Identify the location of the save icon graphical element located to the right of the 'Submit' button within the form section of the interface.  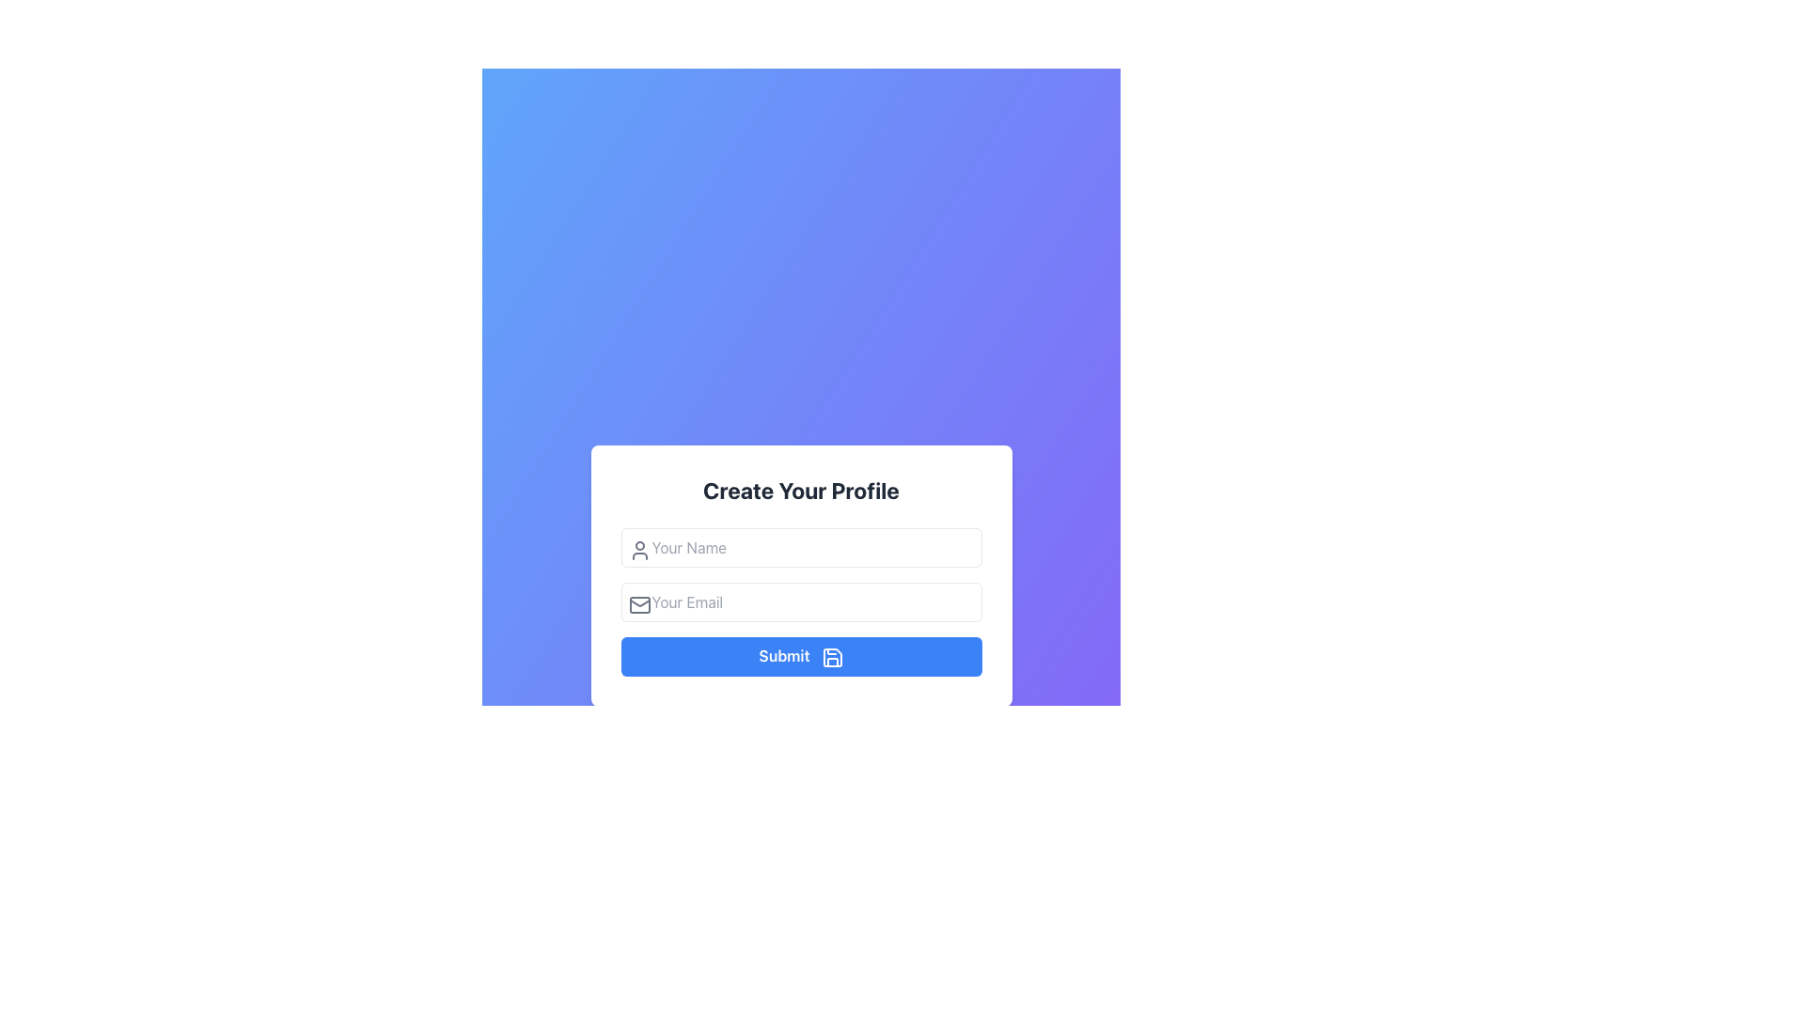
(831, 656).